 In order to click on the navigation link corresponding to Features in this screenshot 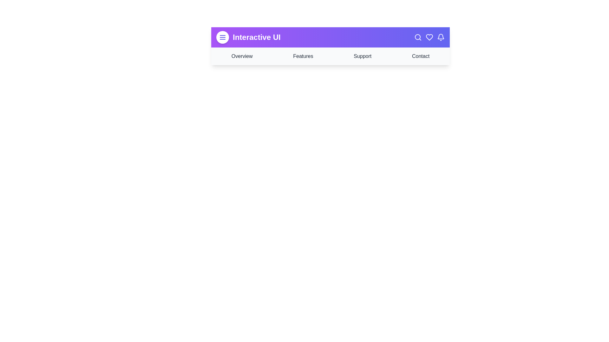, I will do `click(303, 56)`.